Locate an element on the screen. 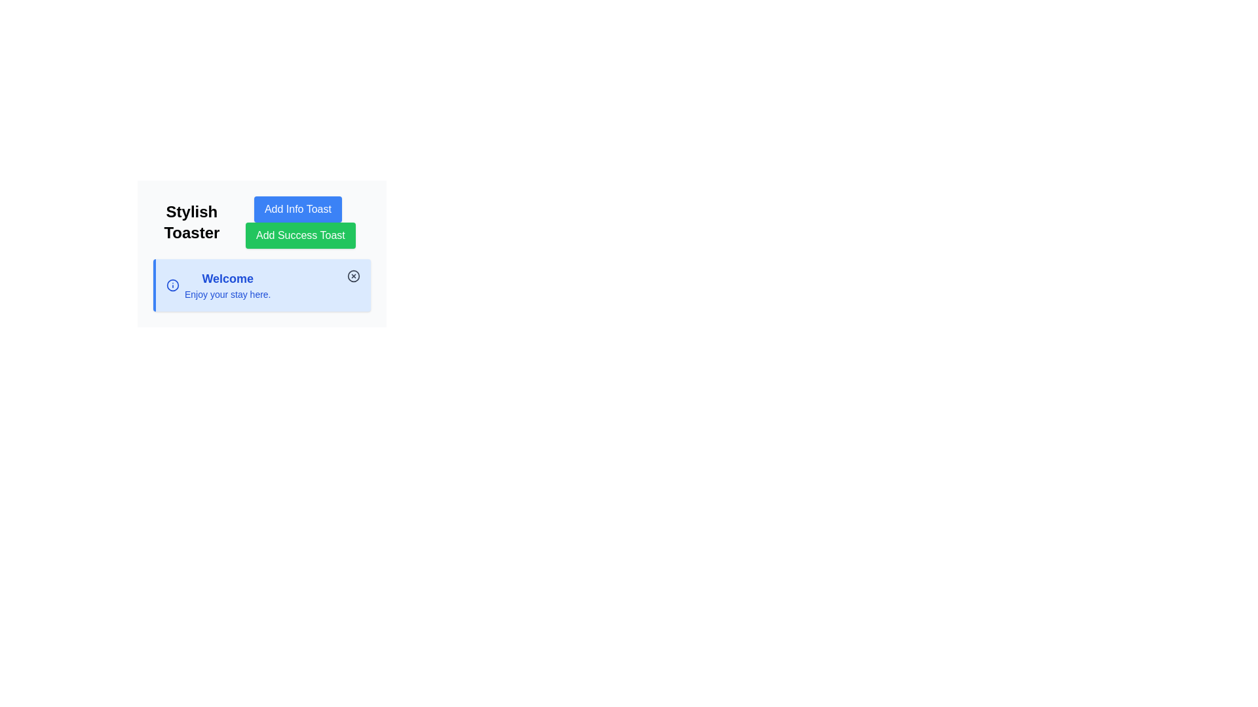  the circular icon element located at the bottom-right of the notification area is located at coordinates (172, 284).